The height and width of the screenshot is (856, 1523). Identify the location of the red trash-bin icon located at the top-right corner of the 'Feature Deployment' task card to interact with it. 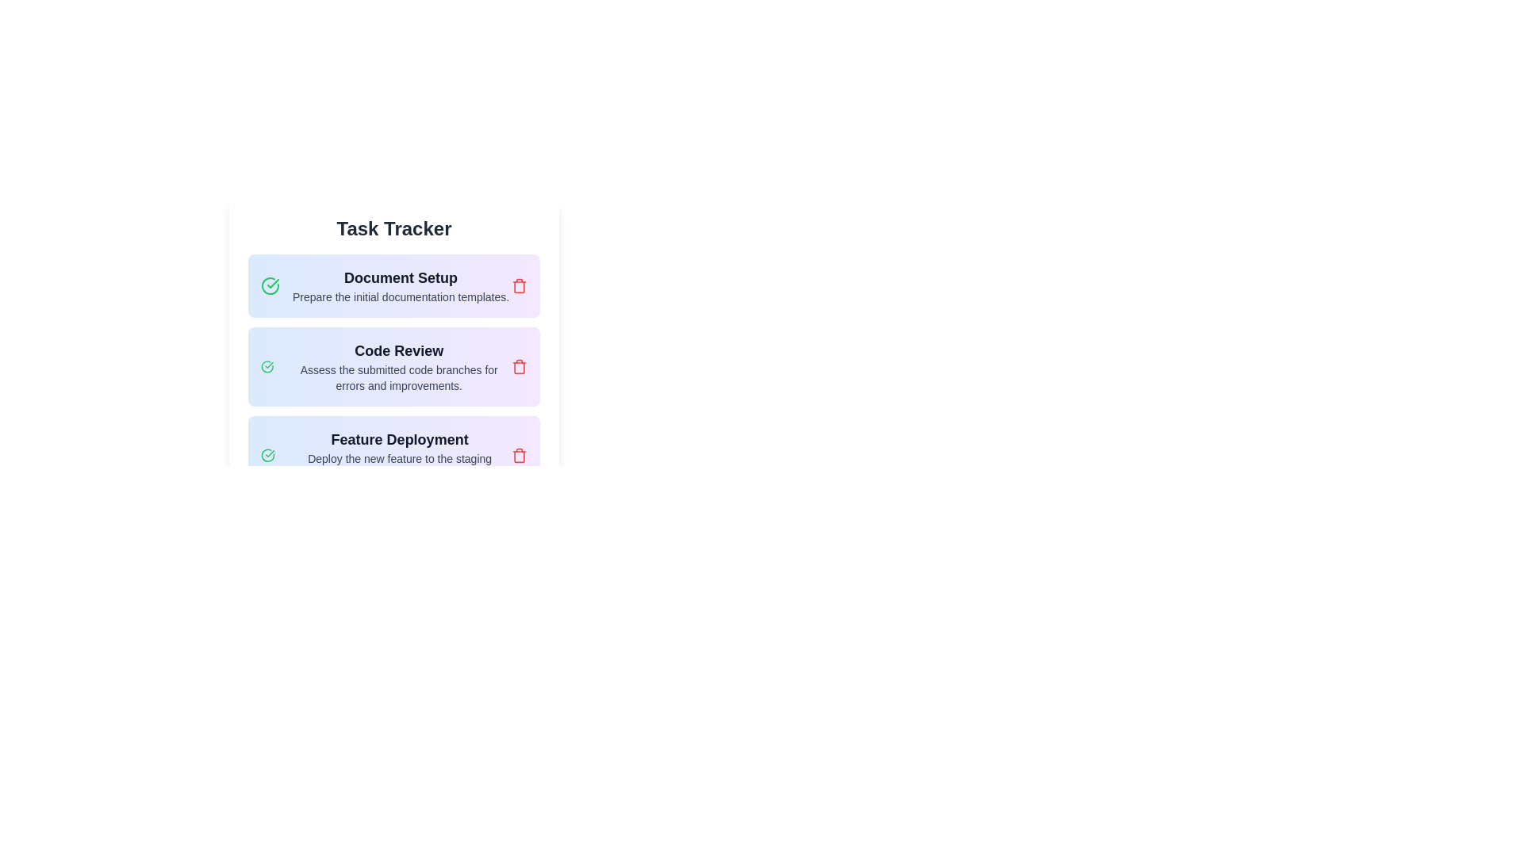
(519, 455).